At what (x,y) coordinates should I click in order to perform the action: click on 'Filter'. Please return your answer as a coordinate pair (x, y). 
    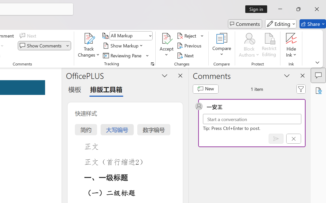
    Looking at the image, I should click on (301, 89).